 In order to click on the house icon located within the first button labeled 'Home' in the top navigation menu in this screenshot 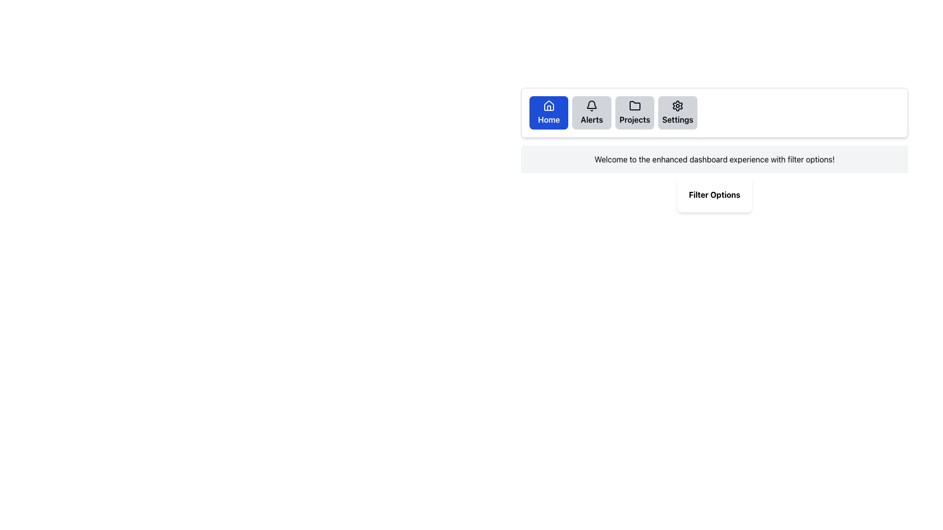, I will do `click(548, 106)`.